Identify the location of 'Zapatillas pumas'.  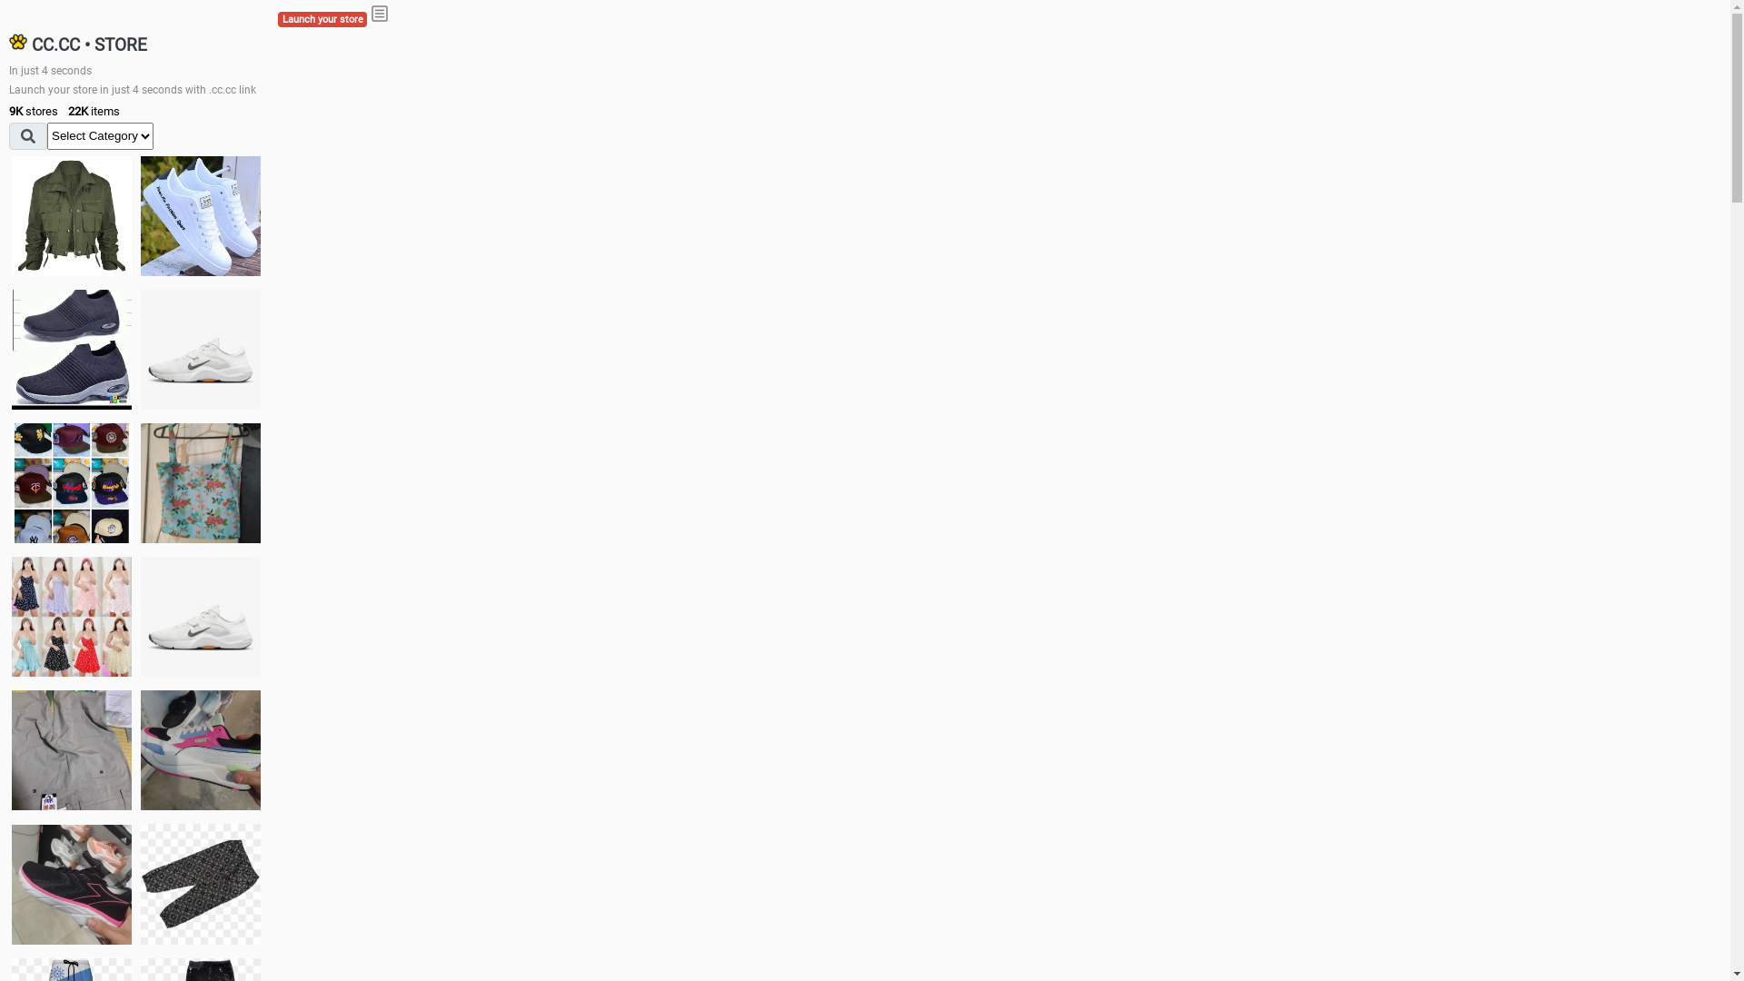
(200, 749).